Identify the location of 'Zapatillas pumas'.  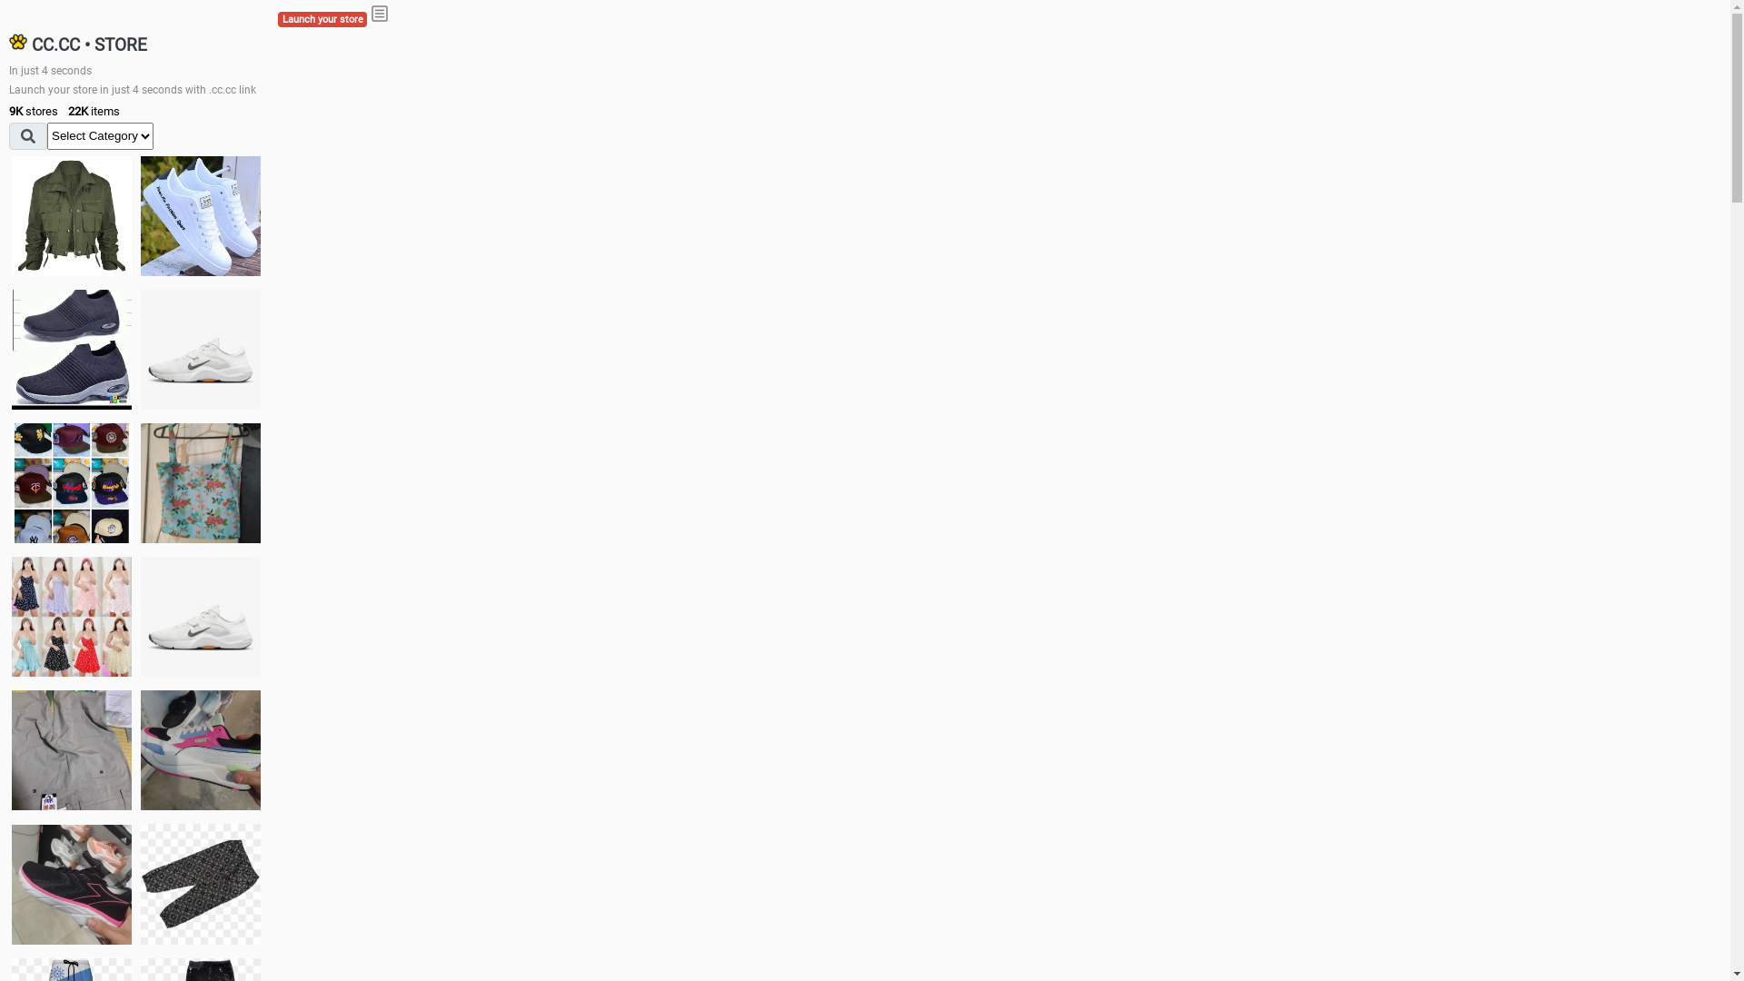
(200, 749).